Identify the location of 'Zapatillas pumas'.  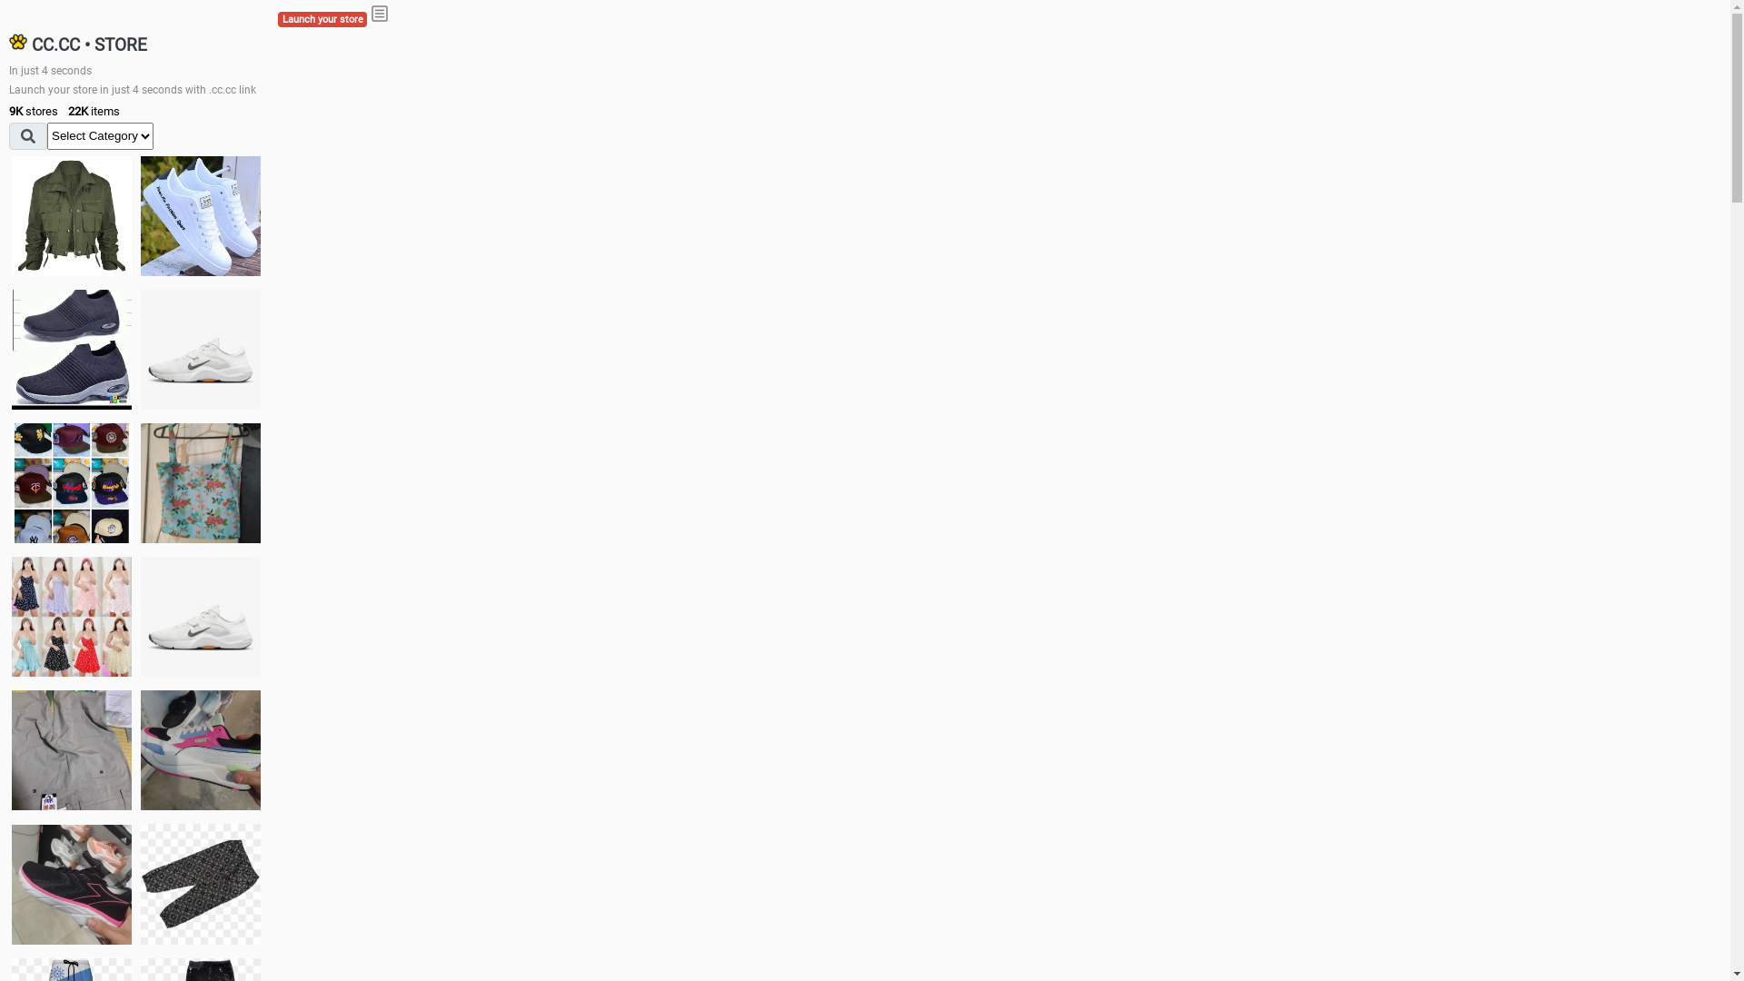
(200, 749).